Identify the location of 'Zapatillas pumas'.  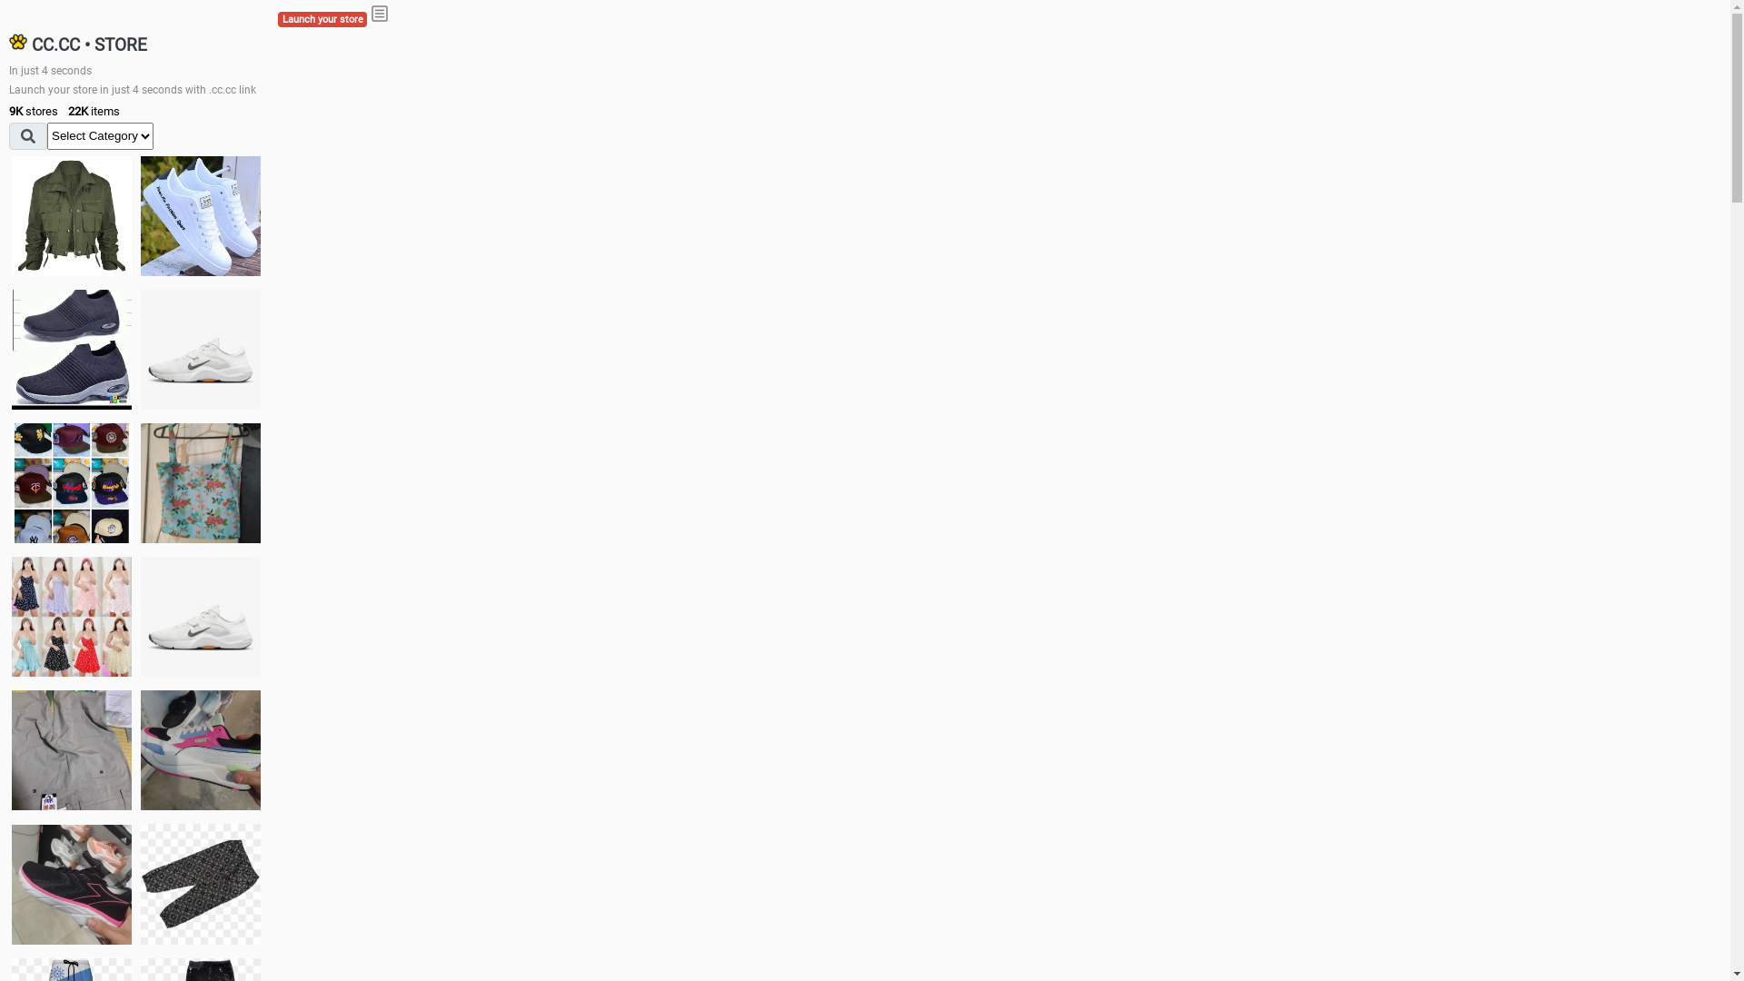
(200, 749).